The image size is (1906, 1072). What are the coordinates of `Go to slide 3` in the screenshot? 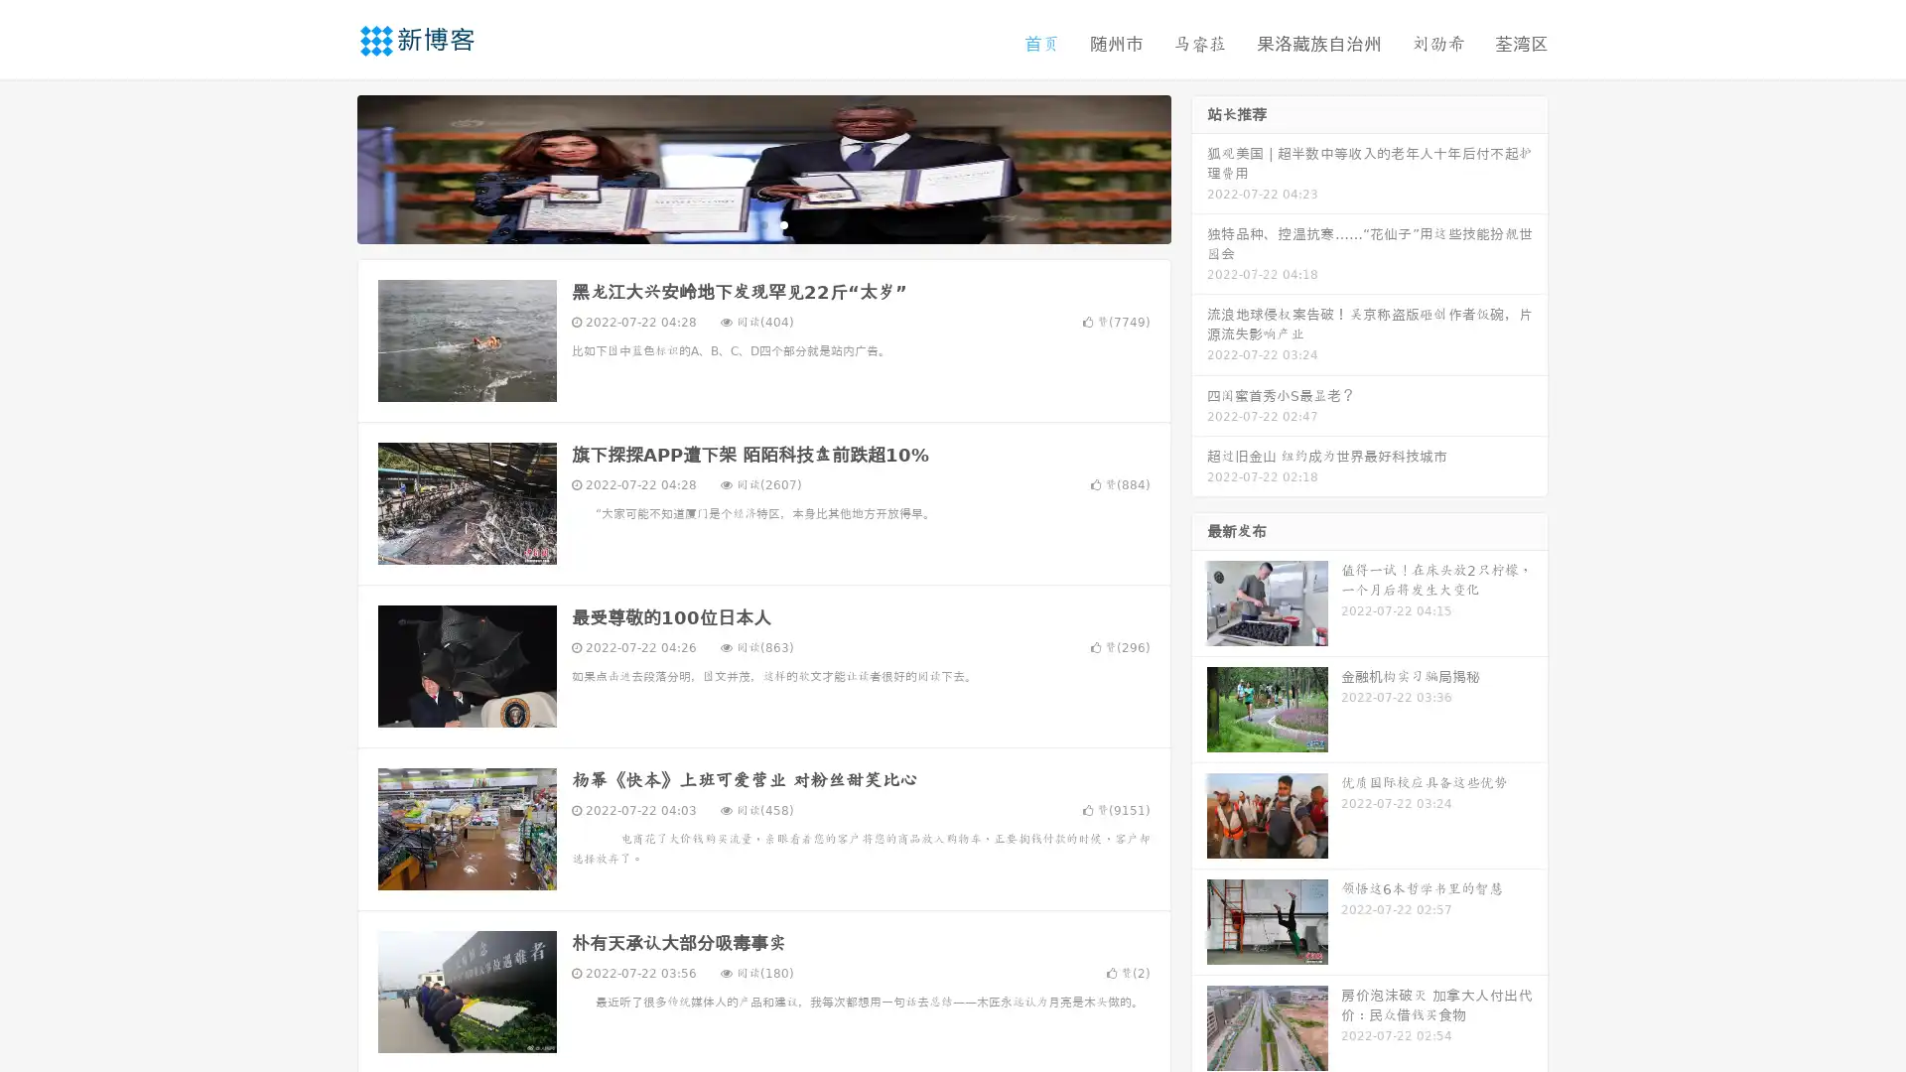 It's located at (783, 223).